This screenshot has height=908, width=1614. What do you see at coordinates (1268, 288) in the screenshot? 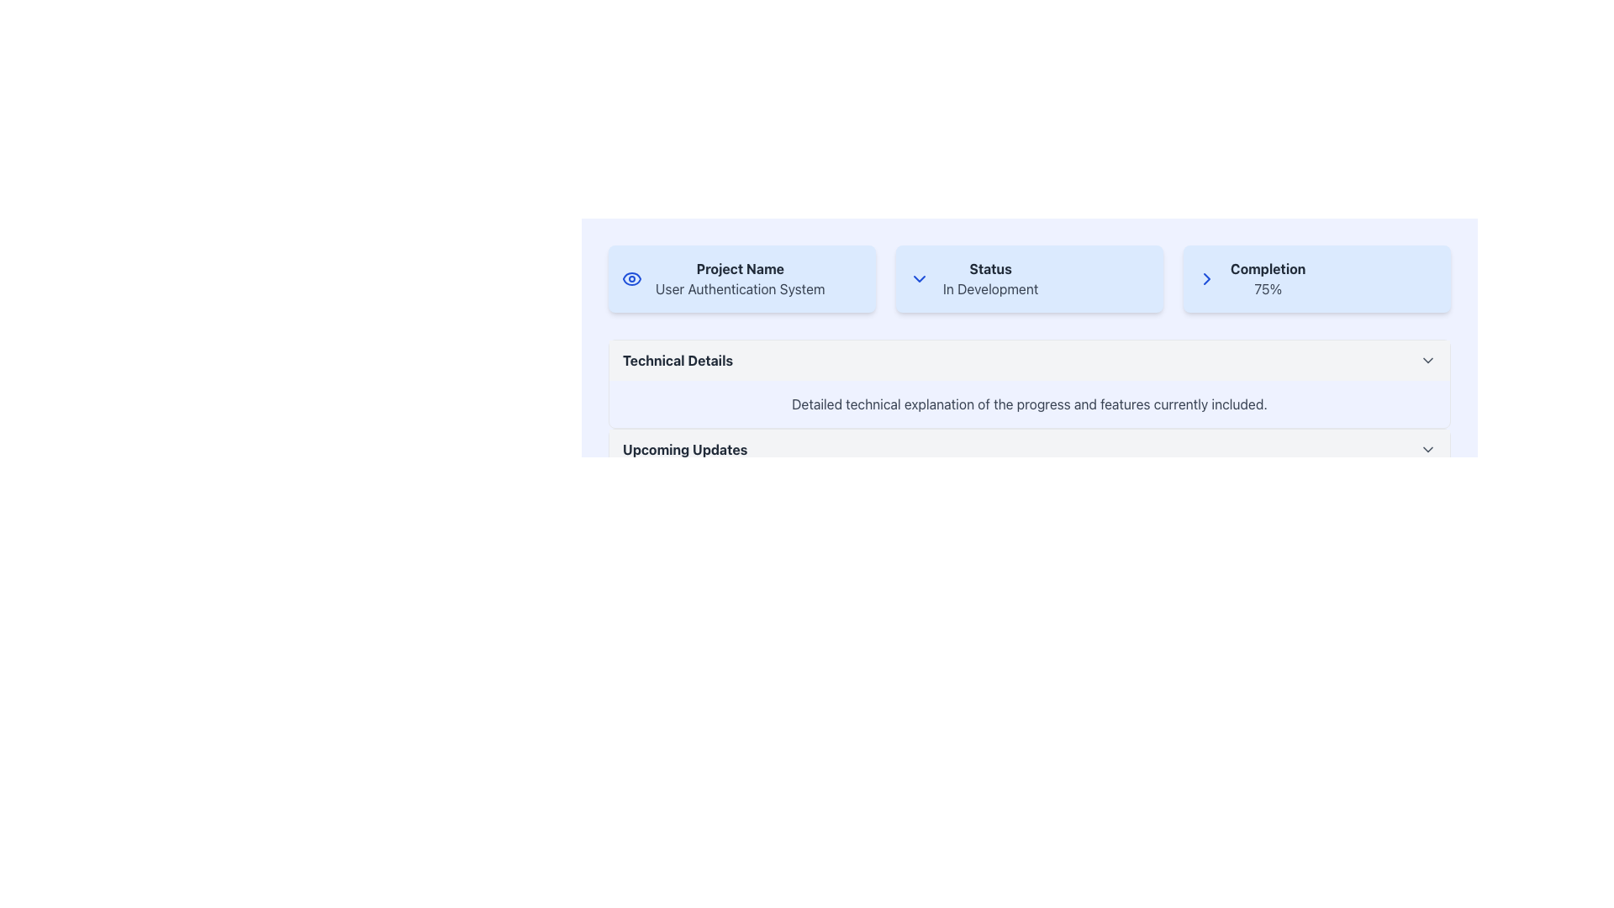
I see `the status percentage text label indicating progress level in the 'Completion' category located in the lower-right portion of the card labeled 'Completion'` at bounding box center [1268, 288].